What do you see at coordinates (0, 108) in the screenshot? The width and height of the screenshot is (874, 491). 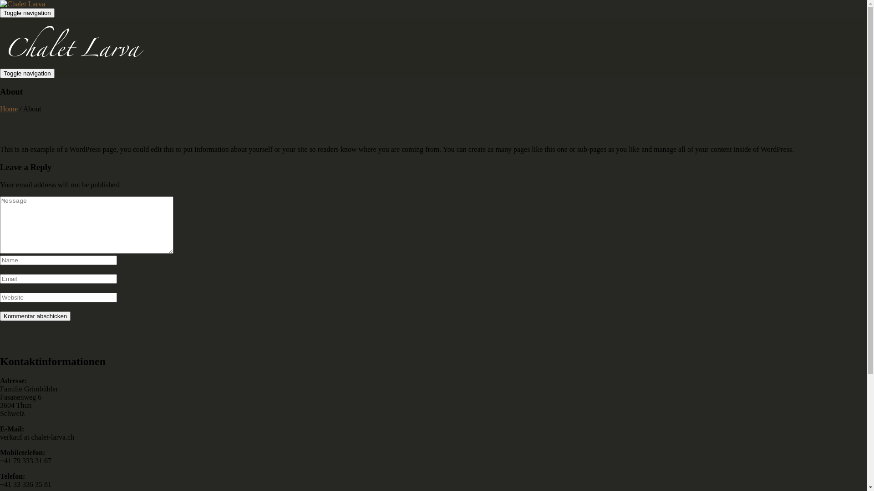 I see `'Home'` at bounding box center [0, 108].